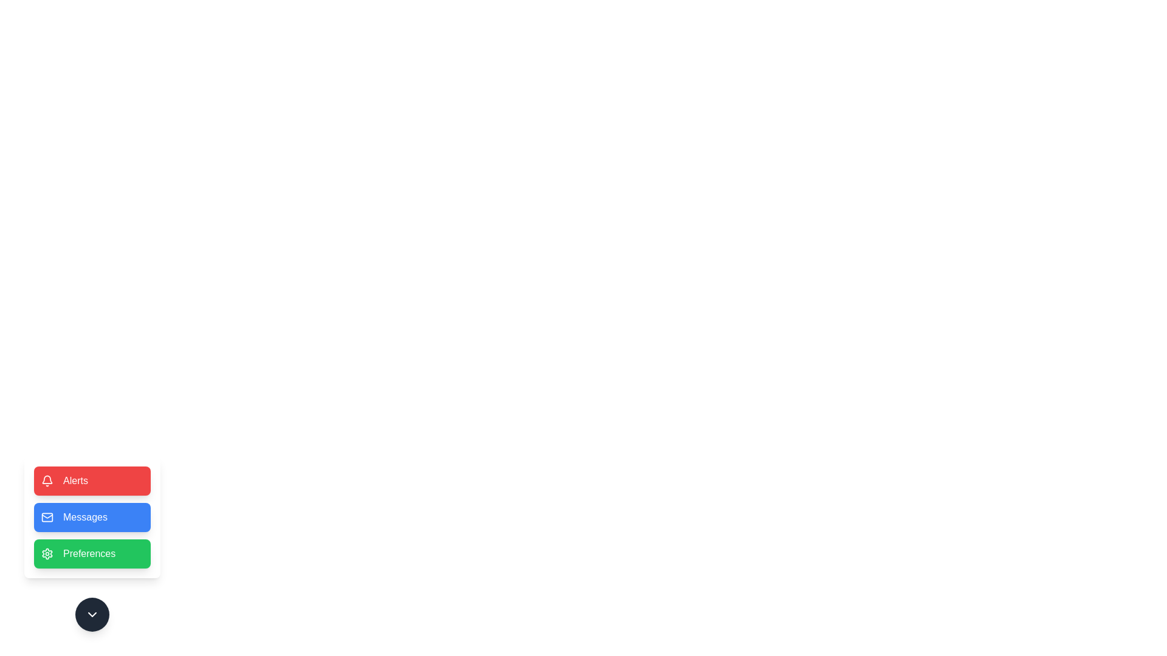  I want to click on the Preferences button to observe the hover effect, so click(92, 553).